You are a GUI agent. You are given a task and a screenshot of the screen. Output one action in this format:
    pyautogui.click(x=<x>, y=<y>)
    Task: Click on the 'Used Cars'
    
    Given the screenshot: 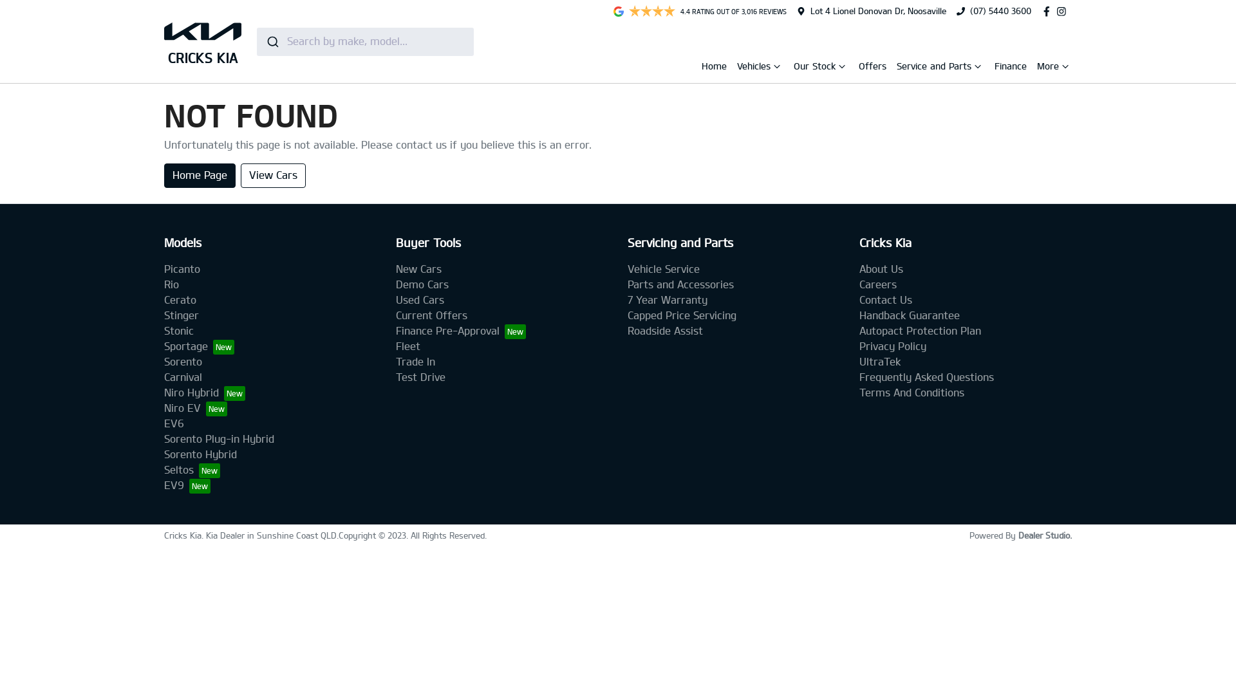 What is the action you would take?
    pyautogui.click(x=420, y=300)
    